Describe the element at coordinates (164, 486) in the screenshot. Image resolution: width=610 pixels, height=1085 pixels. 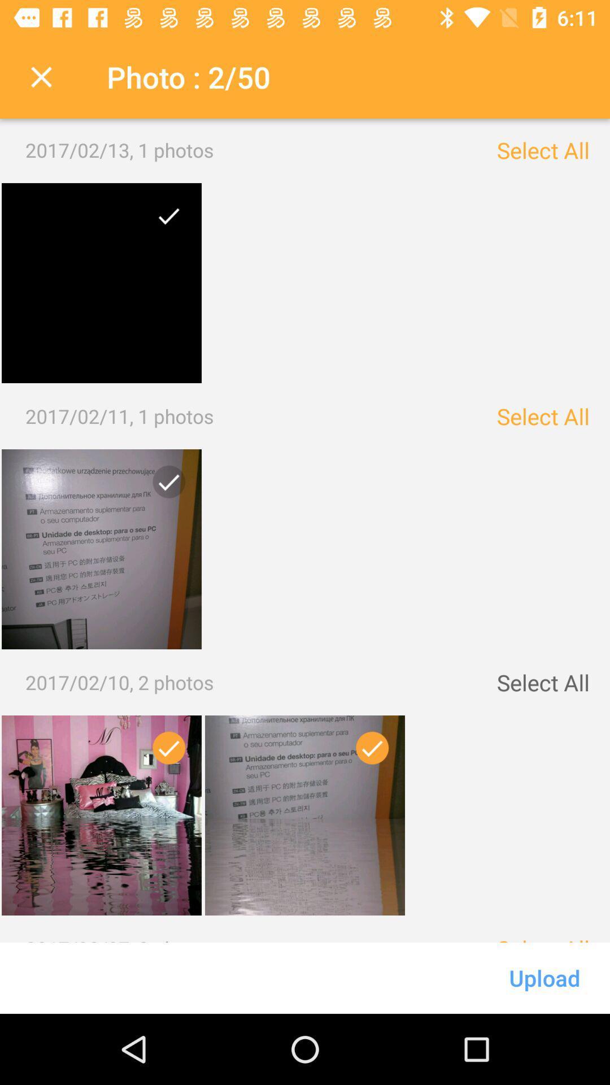
I see `the image in the 2 nd row` at that location.